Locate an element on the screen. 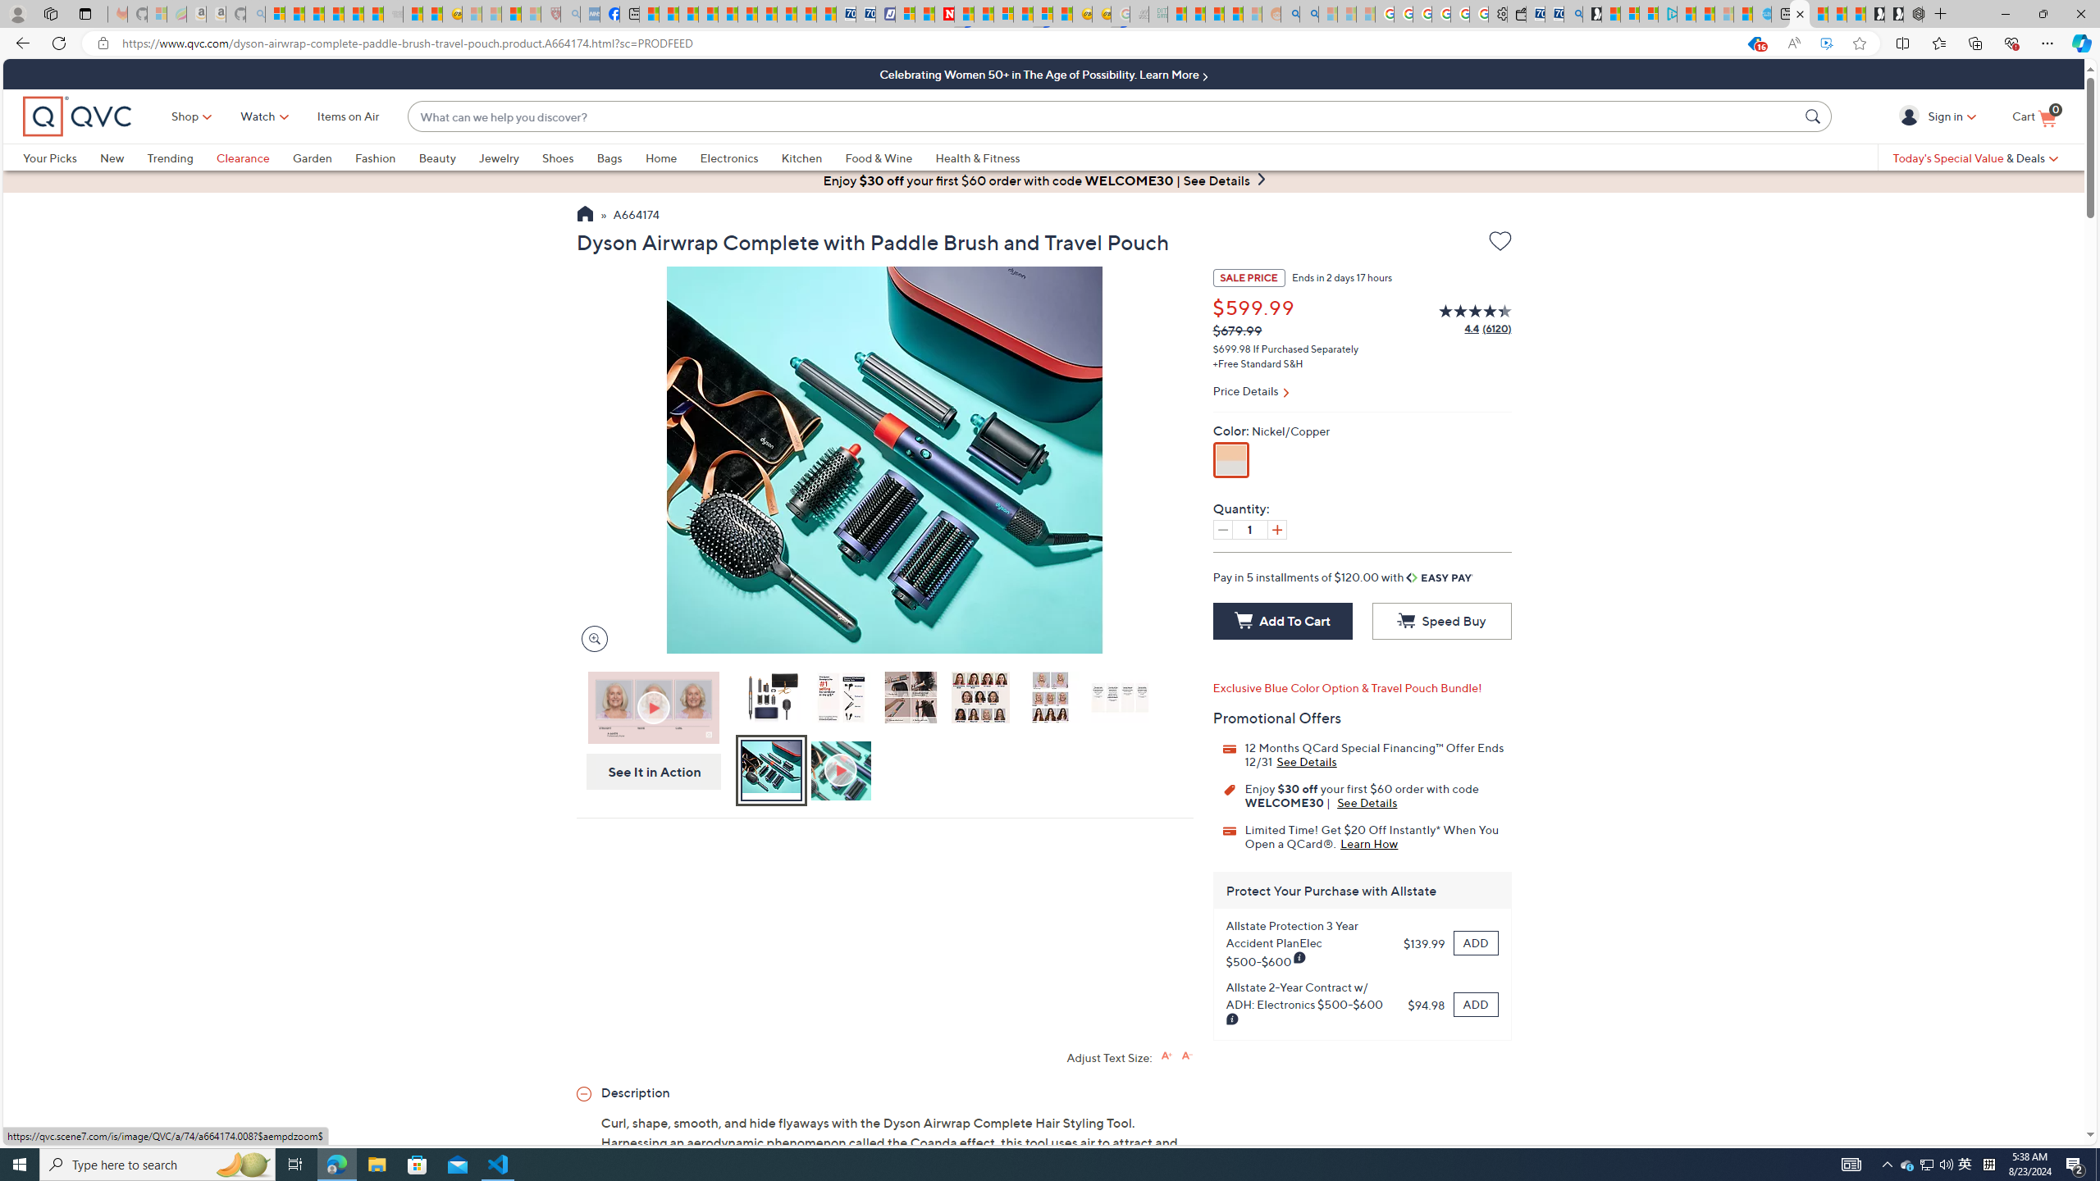 The height and width of the screenshot is (1181, 2100). 'Food & Wine' is located at coordinates (889, 157).